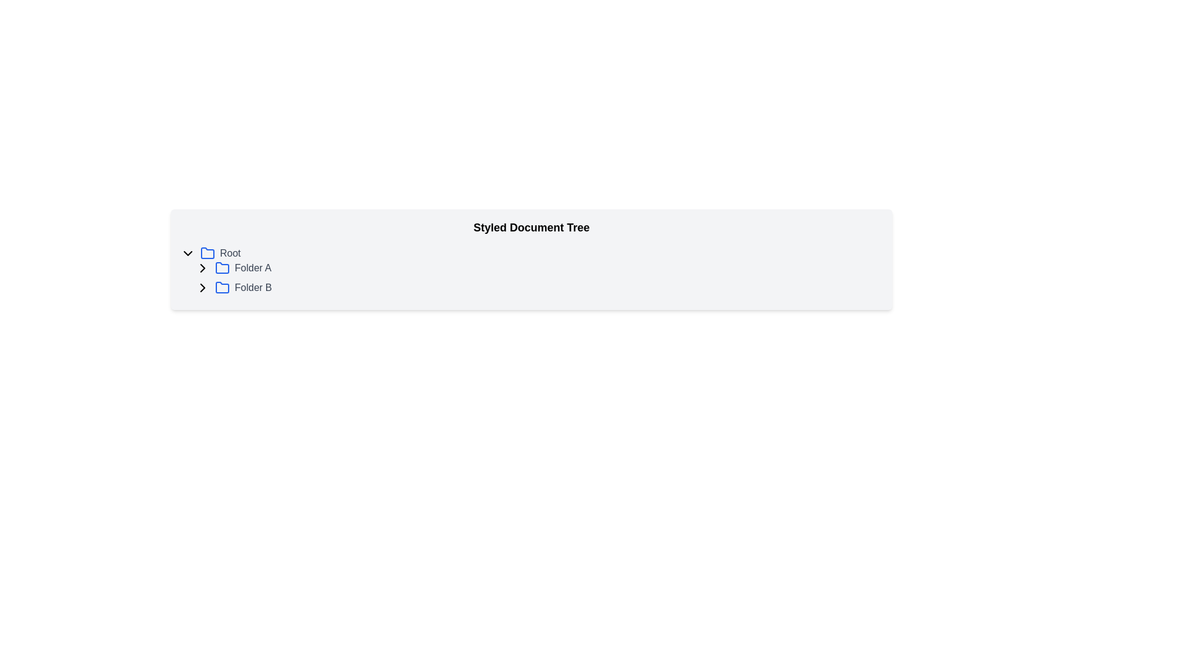 This screenshot has width=1180, height=663. I want to click on the right-pointing arrow icon (chevron) located to the left of the 'Folder A' label, so click(203, 288).